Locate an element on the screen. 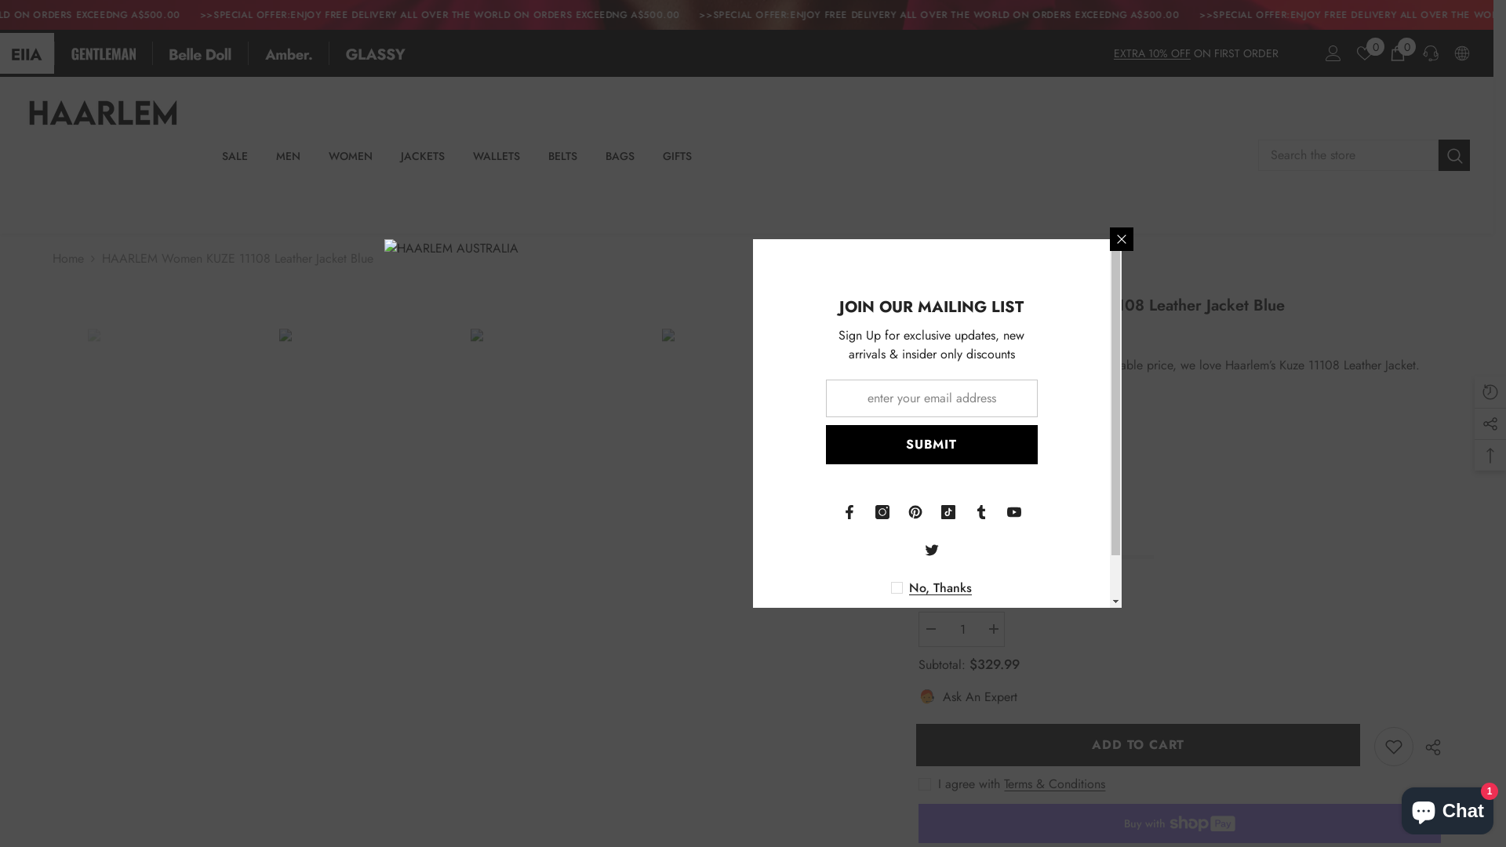 The image size is (1506, 847). 'BELTS' is located at coordinates (534, 162).